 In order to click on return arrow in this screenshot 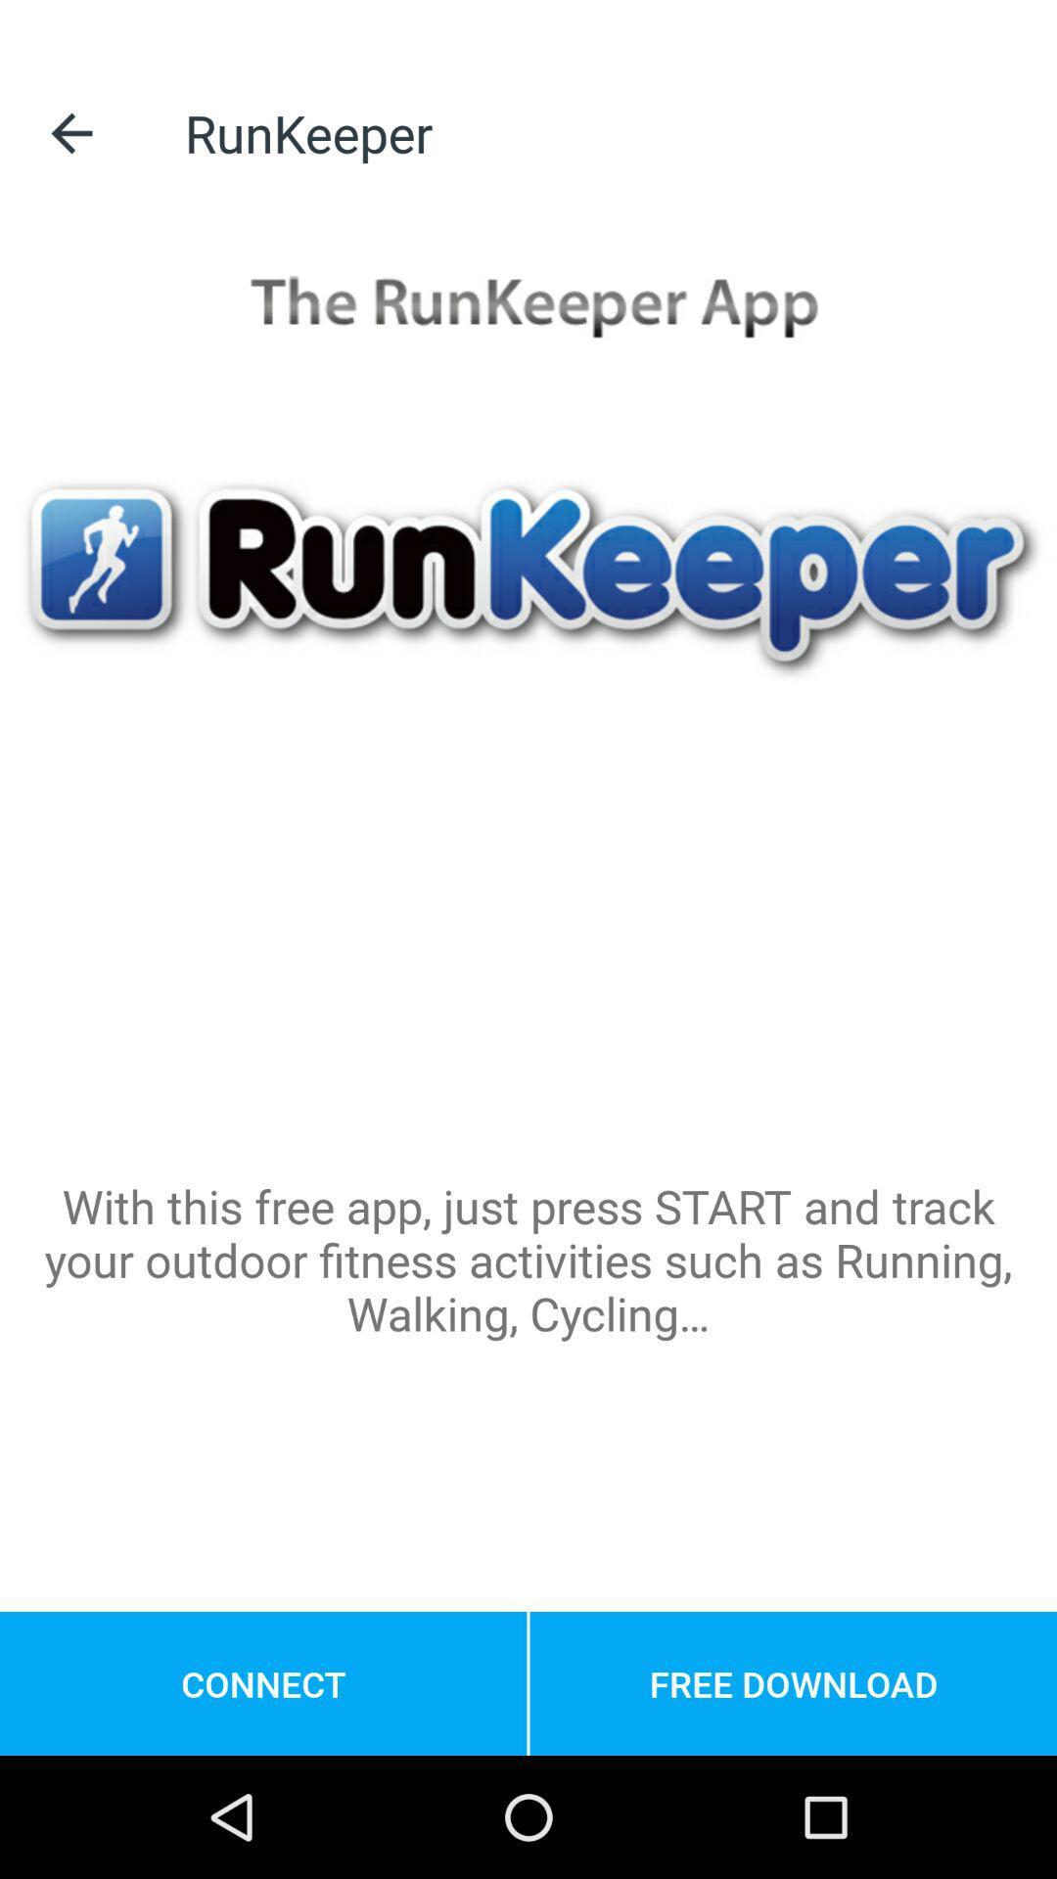, I will do `click(70, 132)`.